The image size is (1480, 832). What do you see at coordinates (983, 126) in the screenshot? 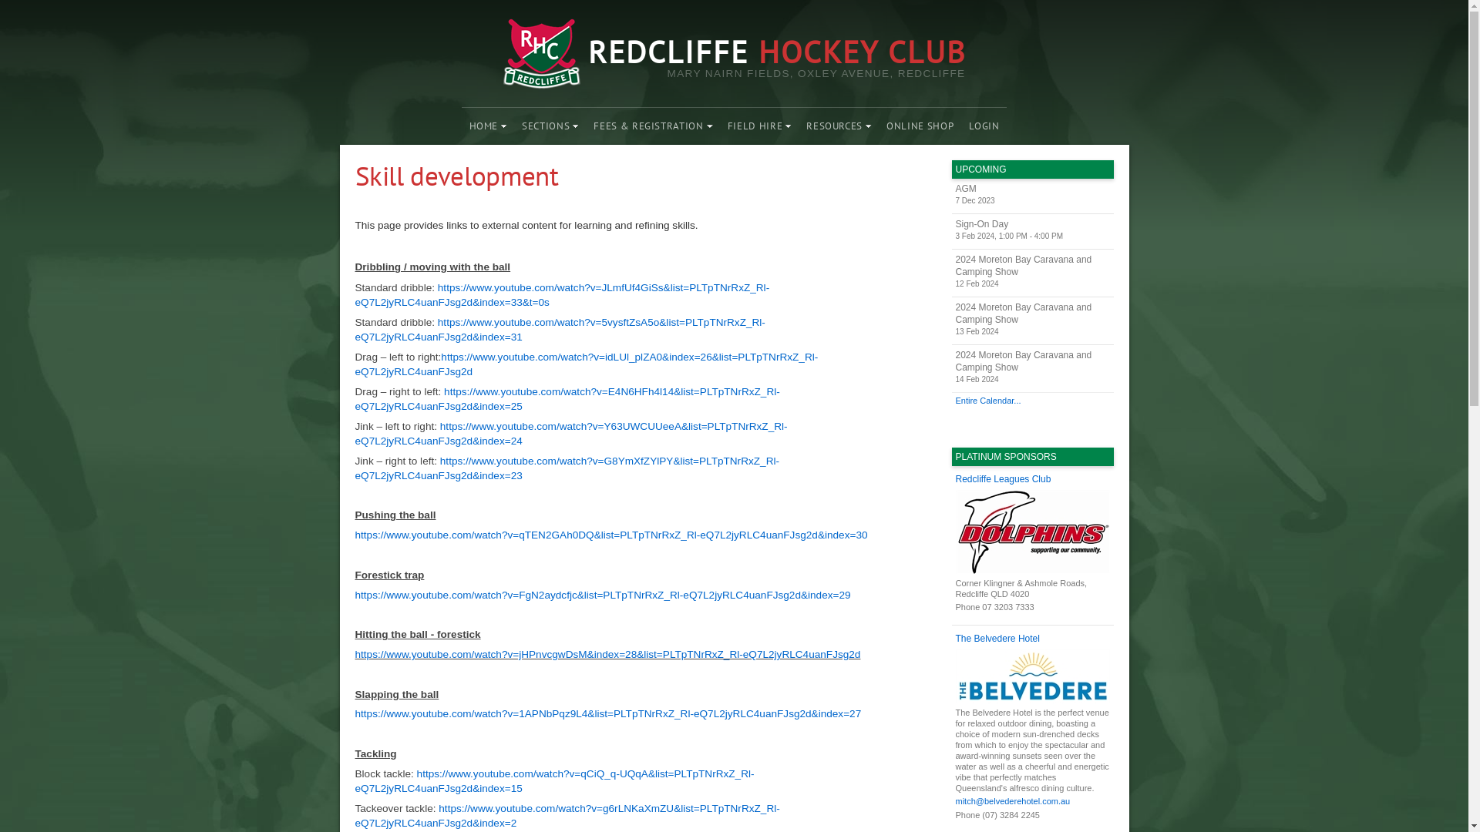
I see `'LOGIN'` at bounding box center [983, 126].